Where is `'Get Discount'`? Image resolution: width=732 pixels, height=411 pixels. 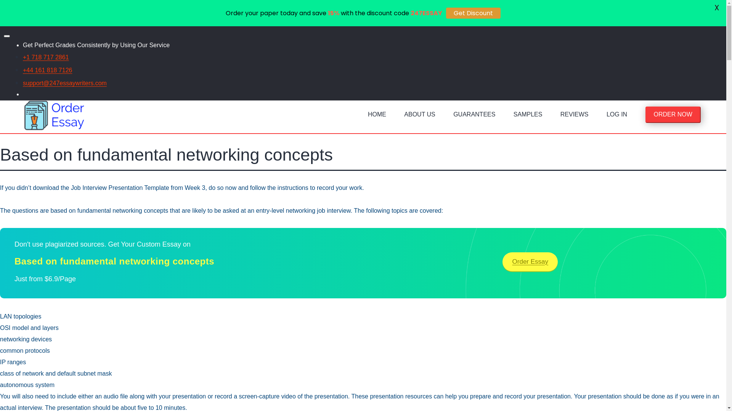
'Get Discount' is located at coordinates (473, 13).